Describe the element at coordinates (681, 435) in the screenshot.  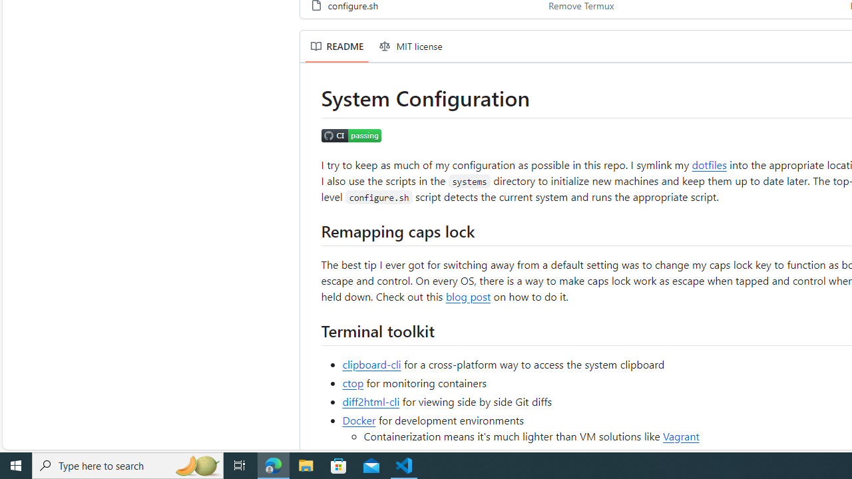
I see `'Vagrant'` at that location.